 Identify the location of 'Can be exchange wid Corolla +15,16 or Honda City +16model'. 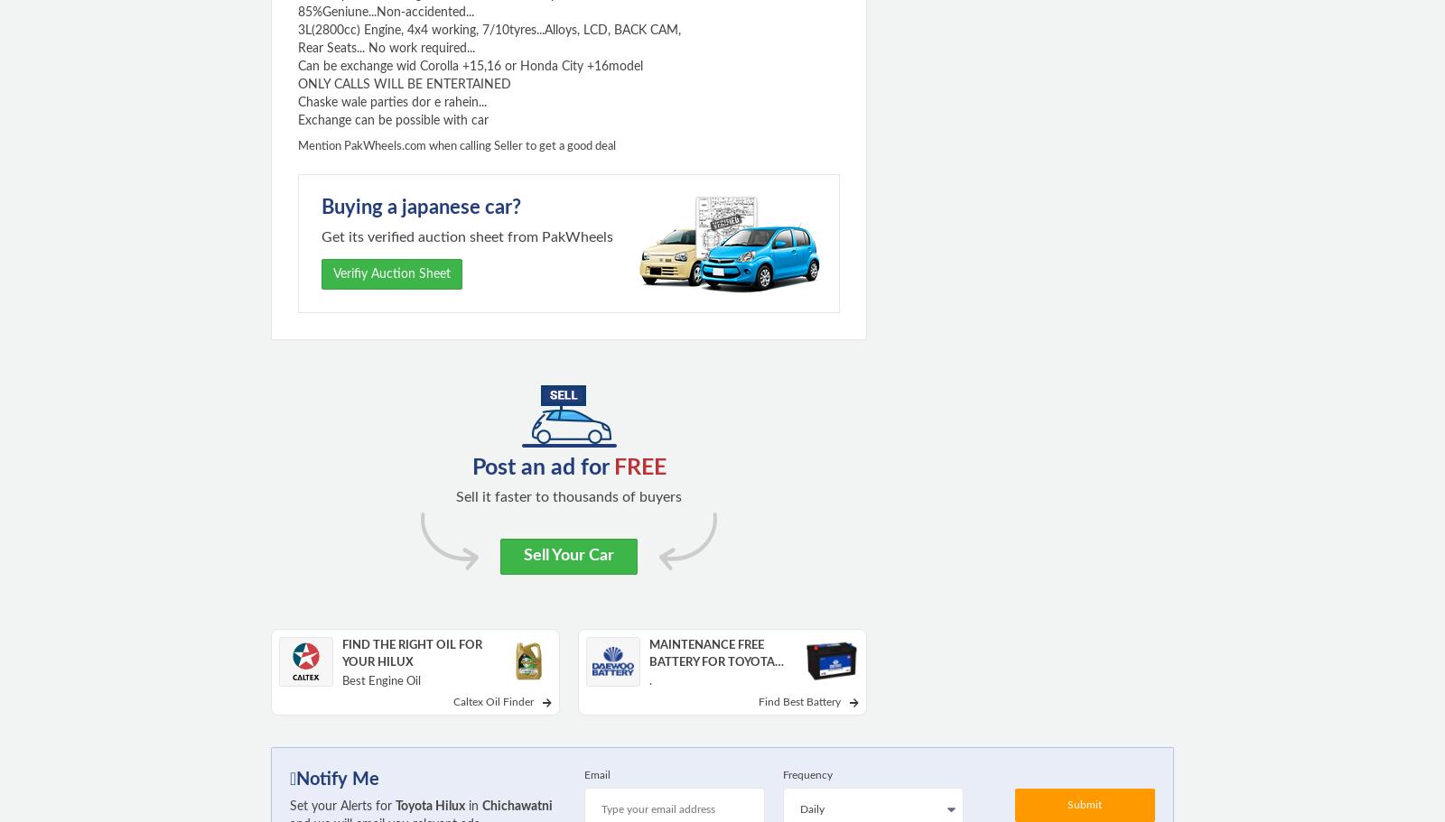
(469, 66).